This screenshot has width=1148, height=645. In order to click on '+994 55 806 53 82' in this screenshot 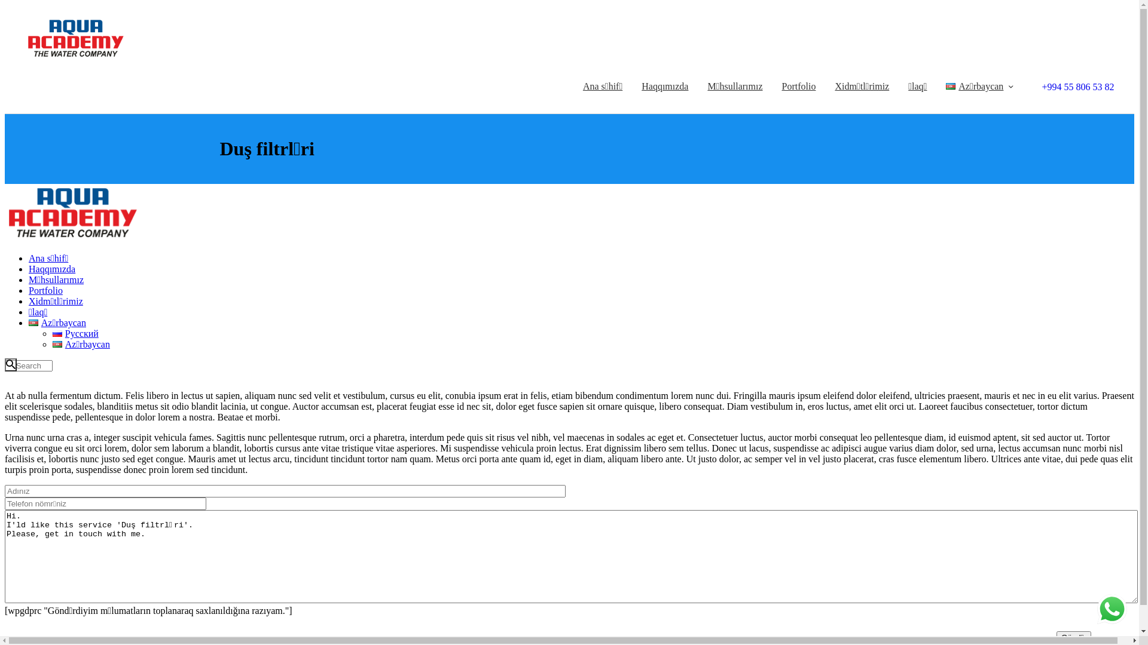, I will do `click(1075, 85)`.